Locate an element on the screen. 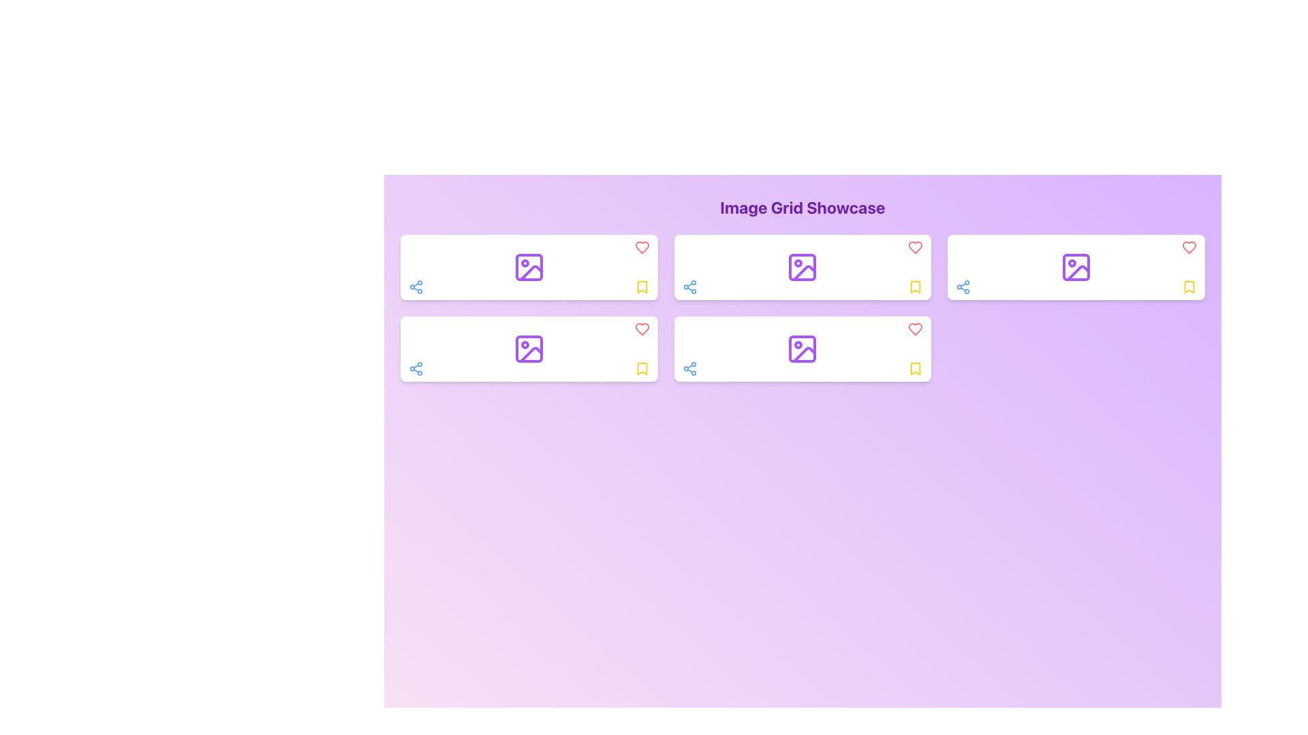 The height and width of the screenshot is (735, 1308). the bookmark icon located at the bottom-right corner of the card grid is located at coordinates (641, 369).